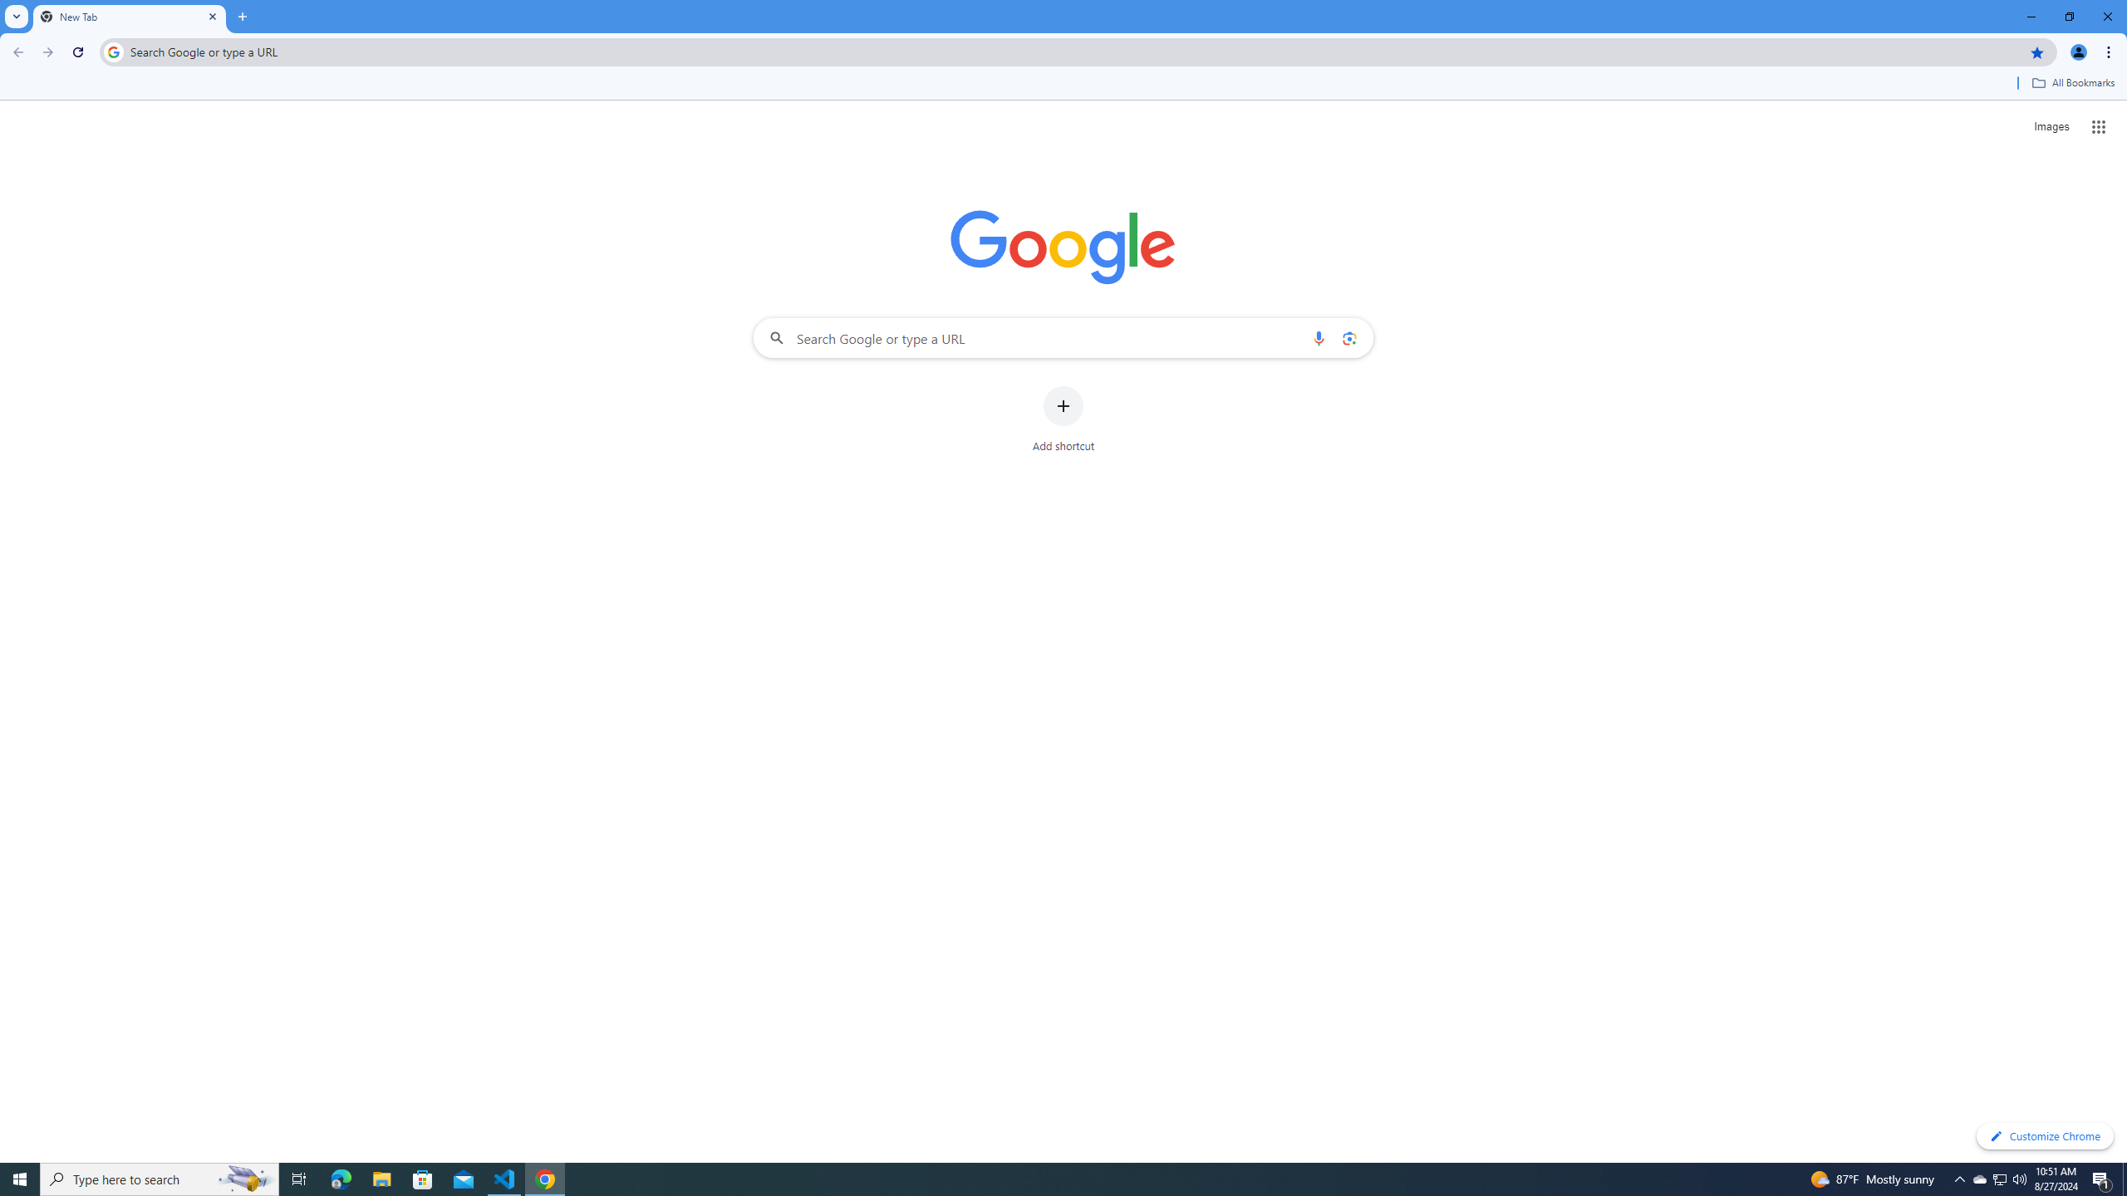 Image resolution: width=2127 pixels, height=1196 pixels. I want to click on 'Search Google or type a URL', so click(1063, 336).